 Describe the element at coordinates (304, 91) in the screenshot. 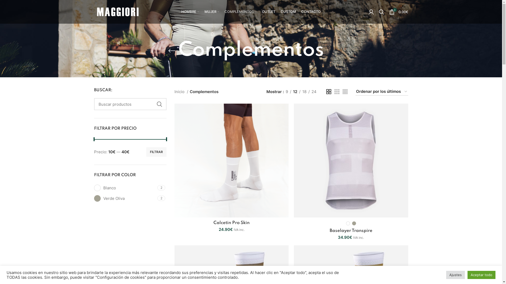

I see `'18'` at that location.